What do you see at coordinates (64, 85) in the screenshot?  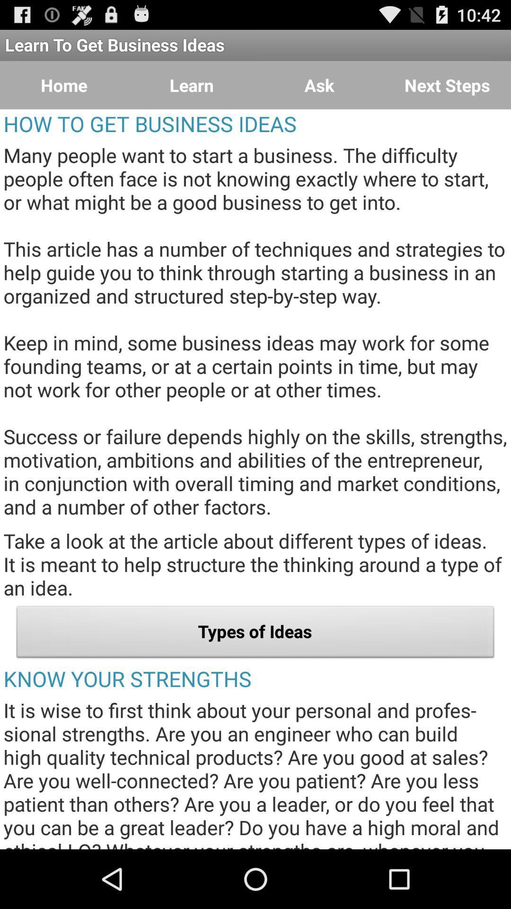 I see `icon above how to get` at bounding box center [64, 85].